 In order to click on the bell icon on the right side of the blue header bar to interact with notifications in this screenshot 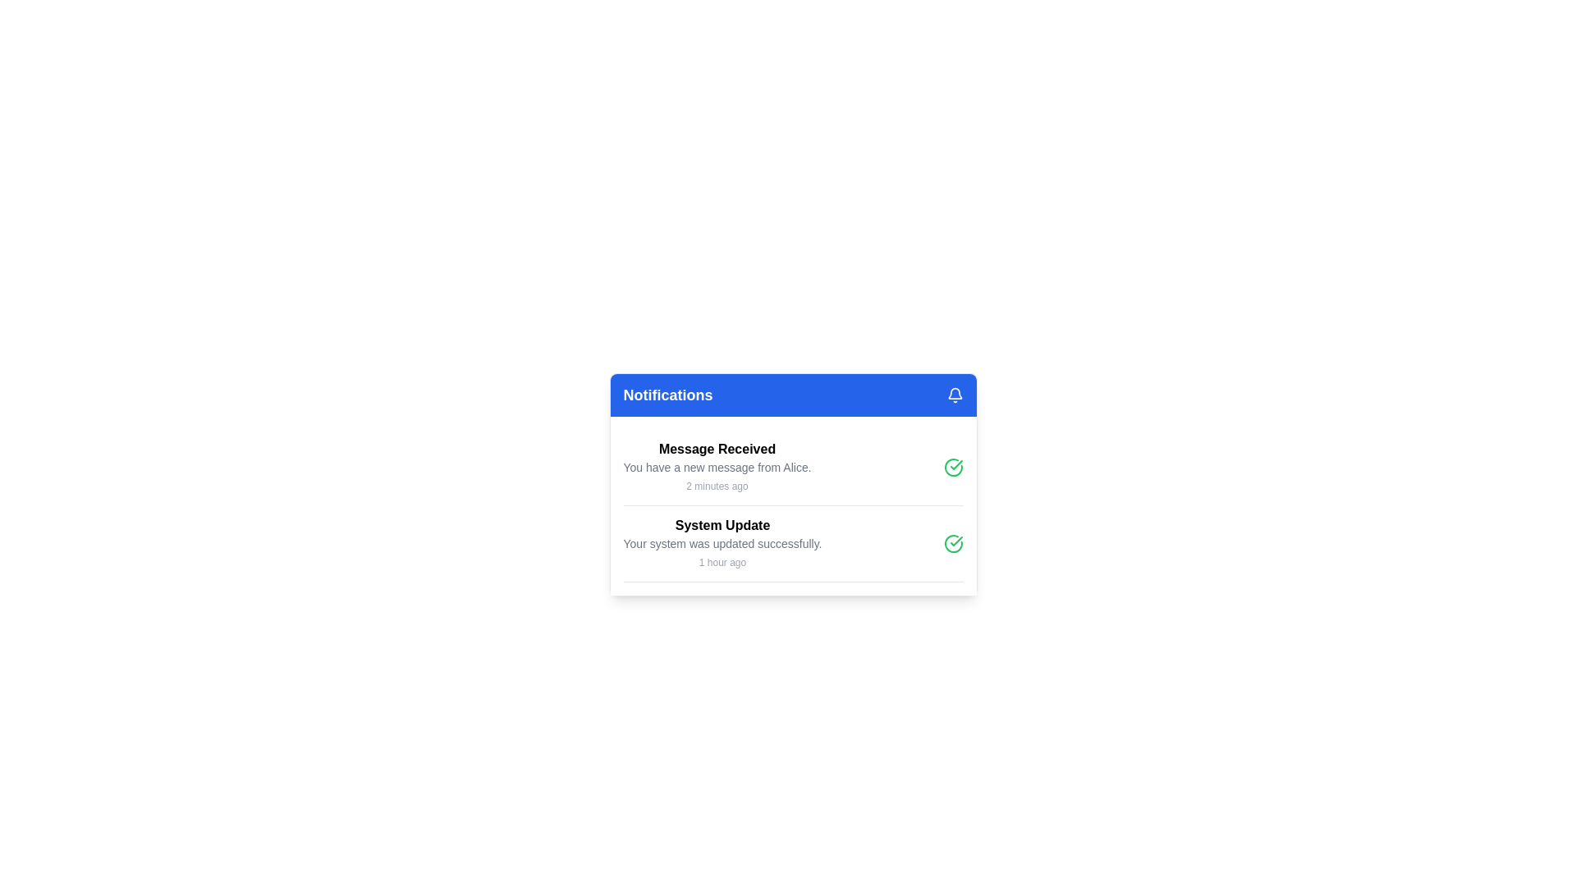, I will do `click(955, 395)`.